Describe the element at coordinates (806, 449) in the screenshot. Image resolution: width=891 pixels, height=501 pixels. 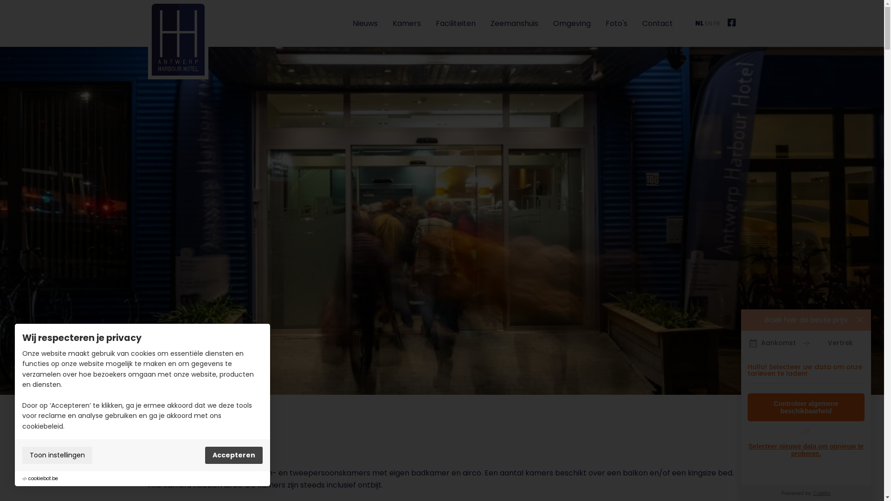
I see `'Selecteer nieuwe data om opnieuw te proberen.'` at that location.